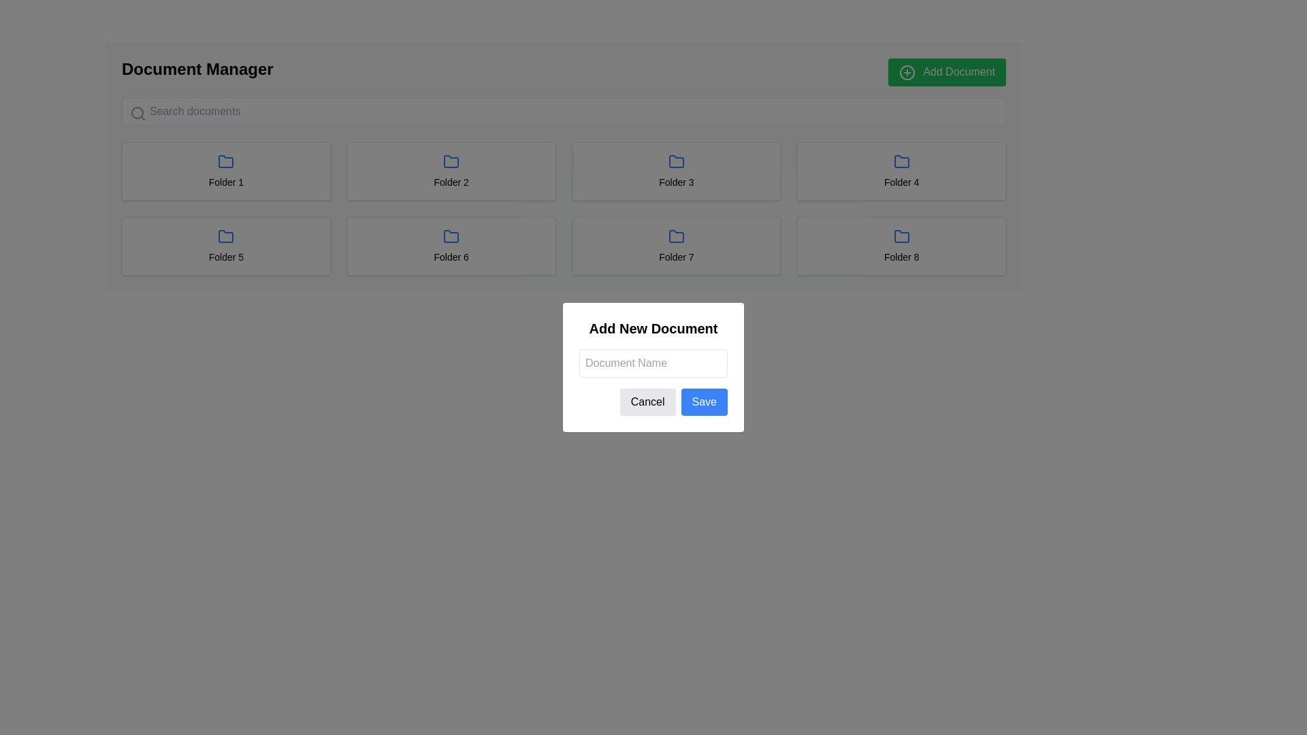 The height and width of the screenshot is (735, 1307). Describe the element at coordinates (226, 161) in the screenshot. I see `the vector graphics element that visually represents the folder icon located in the first row, first column of the folder layout within 'Folder 1'` at that location.